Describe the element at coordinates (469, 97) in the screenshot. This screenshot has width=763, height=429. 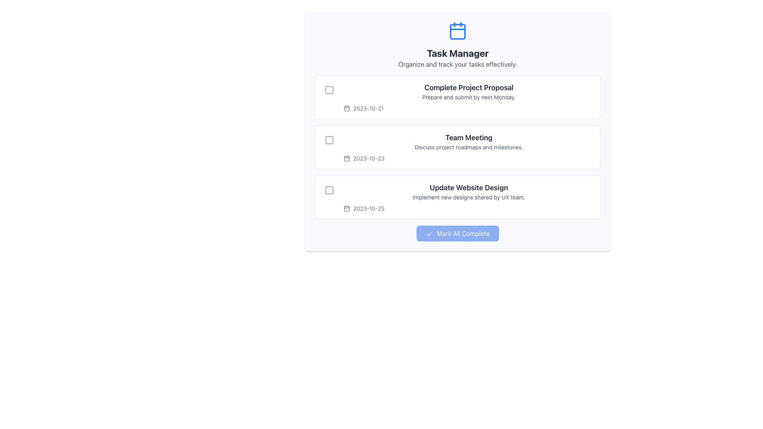
I see `the static text providing note or deadline details for the project proposal task, located below the title 'Complete Project Proposal' in the task card` at that location.